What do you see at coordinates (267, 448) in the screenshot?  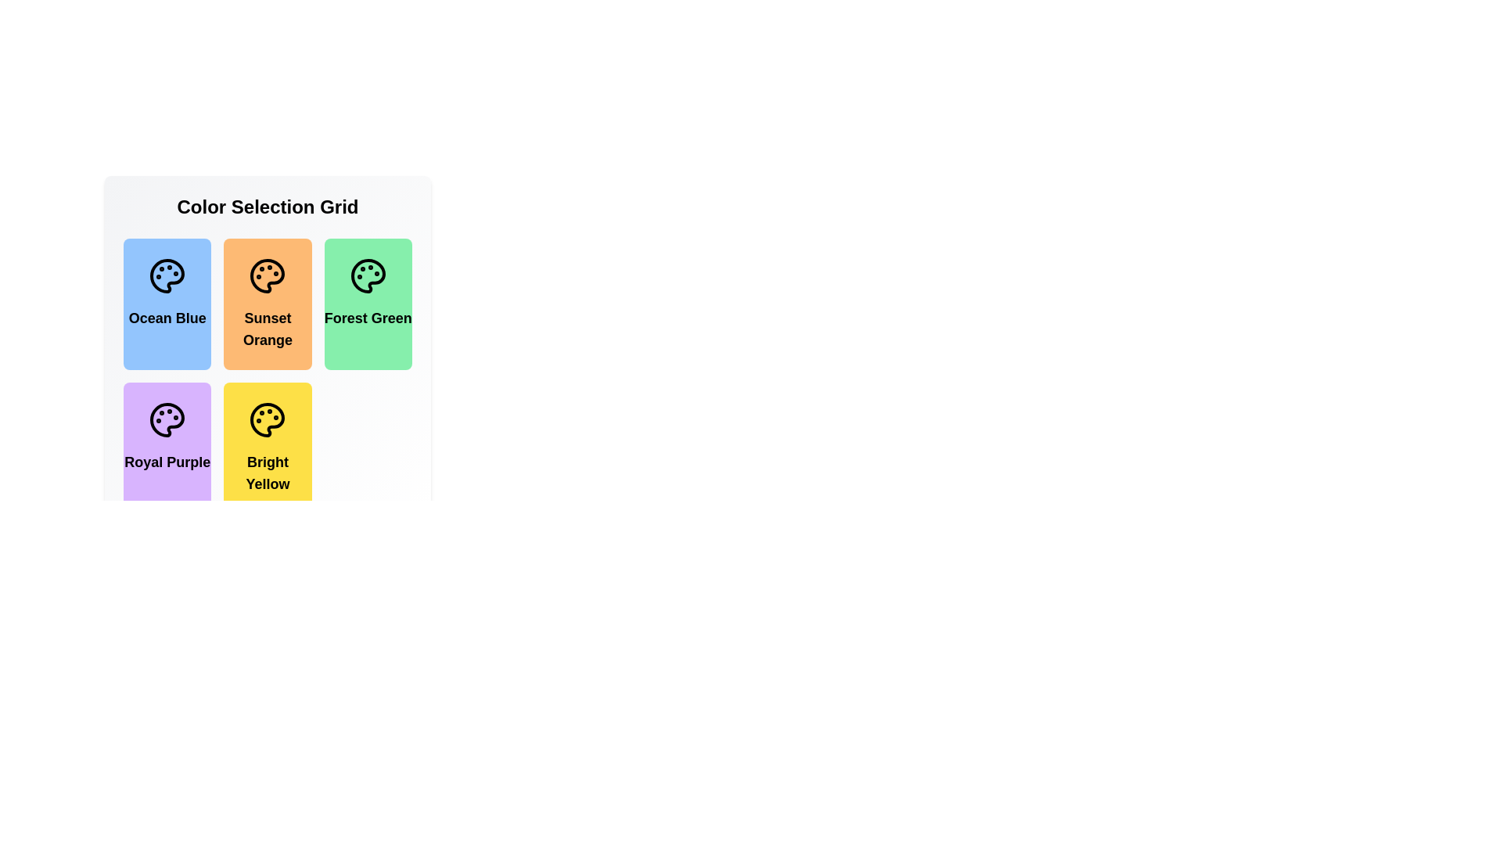 I see `the color item Bright Yellow` at bounding box center [267, 448].